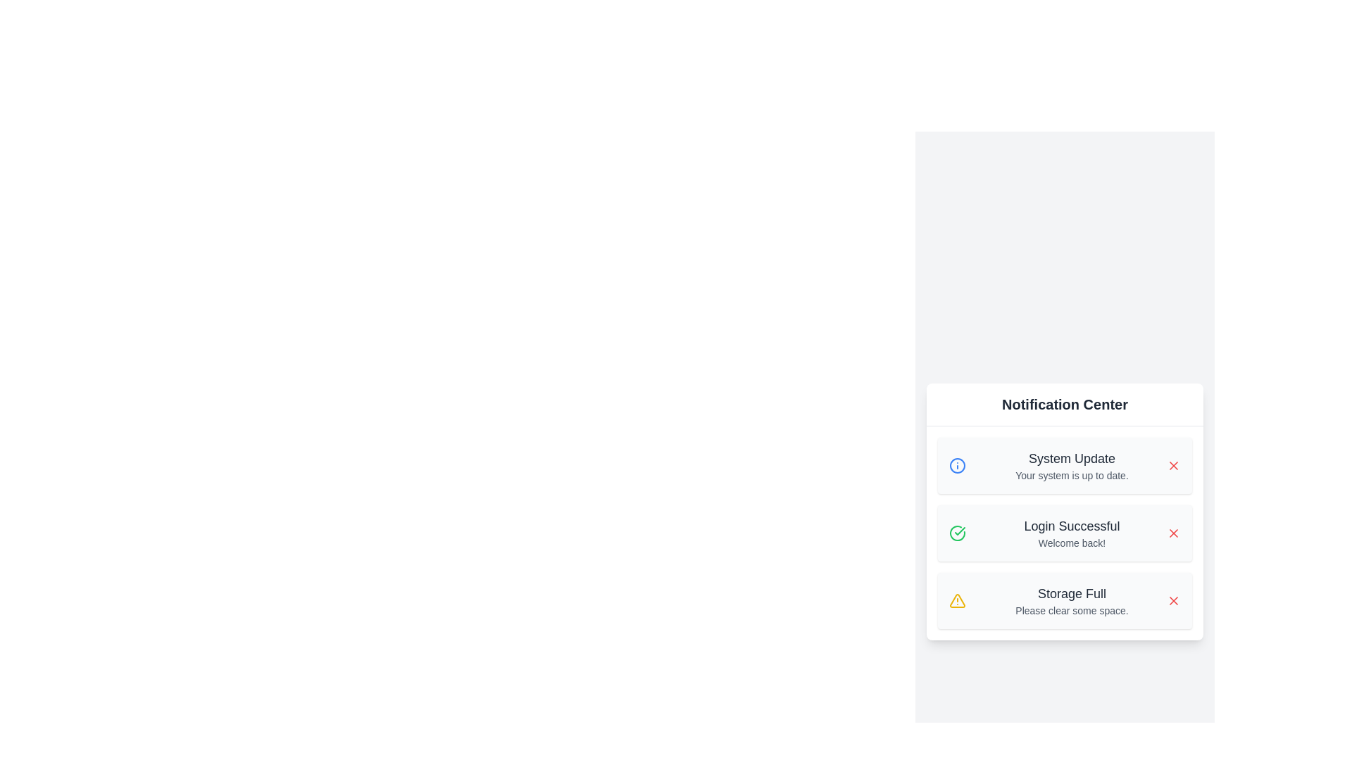 This screenshot has height=760, width=1352. What do you see at coordinates (957, 533) in the screenshot?
I see `the visual state of the circular icon with a green border and a green checkmark, located in the 'Notification Center' next to the 'Login Successful' text` at bounding box center [957, 533].